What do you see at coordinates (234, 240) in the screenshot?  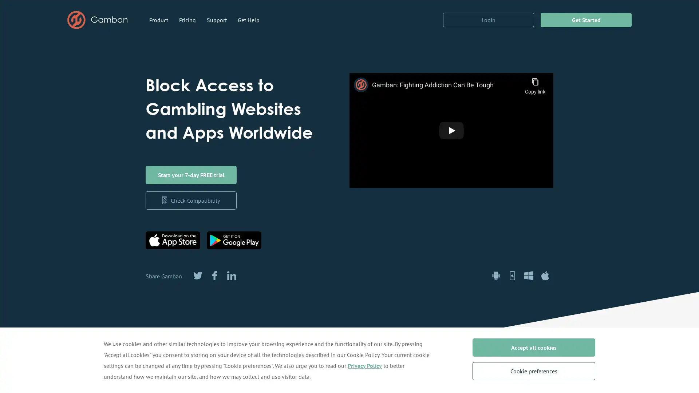 I see `Get it on Google Play` at bounding box center [234, 240].